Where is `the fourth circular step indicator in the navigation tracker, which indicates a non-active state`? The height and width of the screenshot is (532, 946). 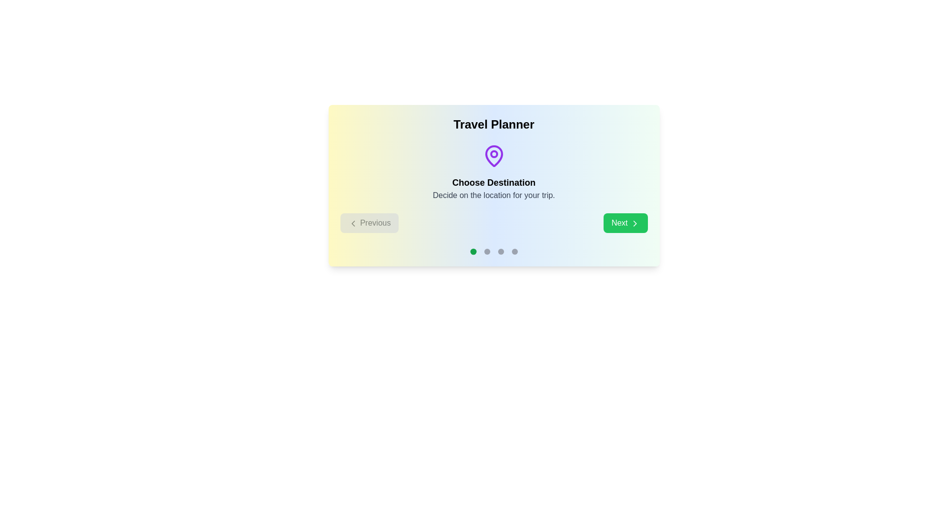 the fourth circular step indicator in the navigation tracker, which indicates a non-active state is located at coordinates (514, 251).